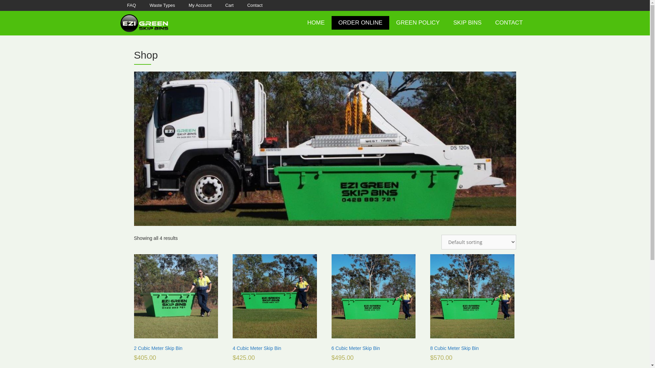  Describe the element at coordinates (144, 22) in the screenshot. I see `'Ezi Green Skip Bins'` at that location.